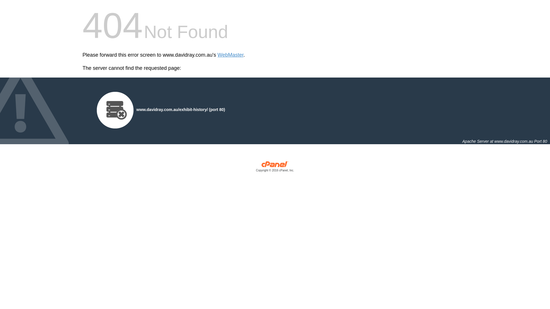  Describe the element at coordinates (230, 55) in the screenshot. I see `'WebMaster'` at that location.